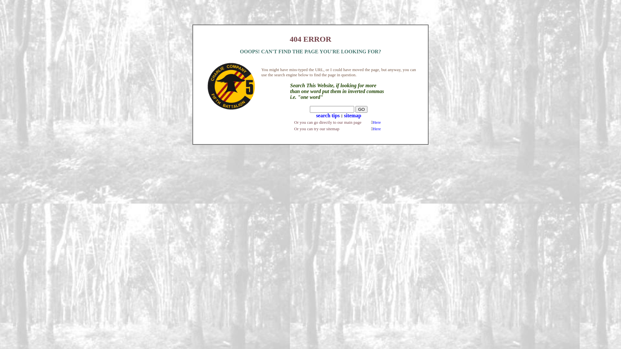 Image resolution: width=621 pixels, height=349 pixels. Describe the element at coordinates (352, 115) in the screenshot. I see `'sitemap'` at that location.